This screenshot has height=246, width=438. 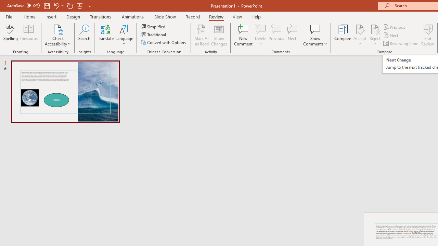 What do you see at coordinates (153, 35) in the screenshot?
I see `'Traditional'` at bounding box center [153, 35].